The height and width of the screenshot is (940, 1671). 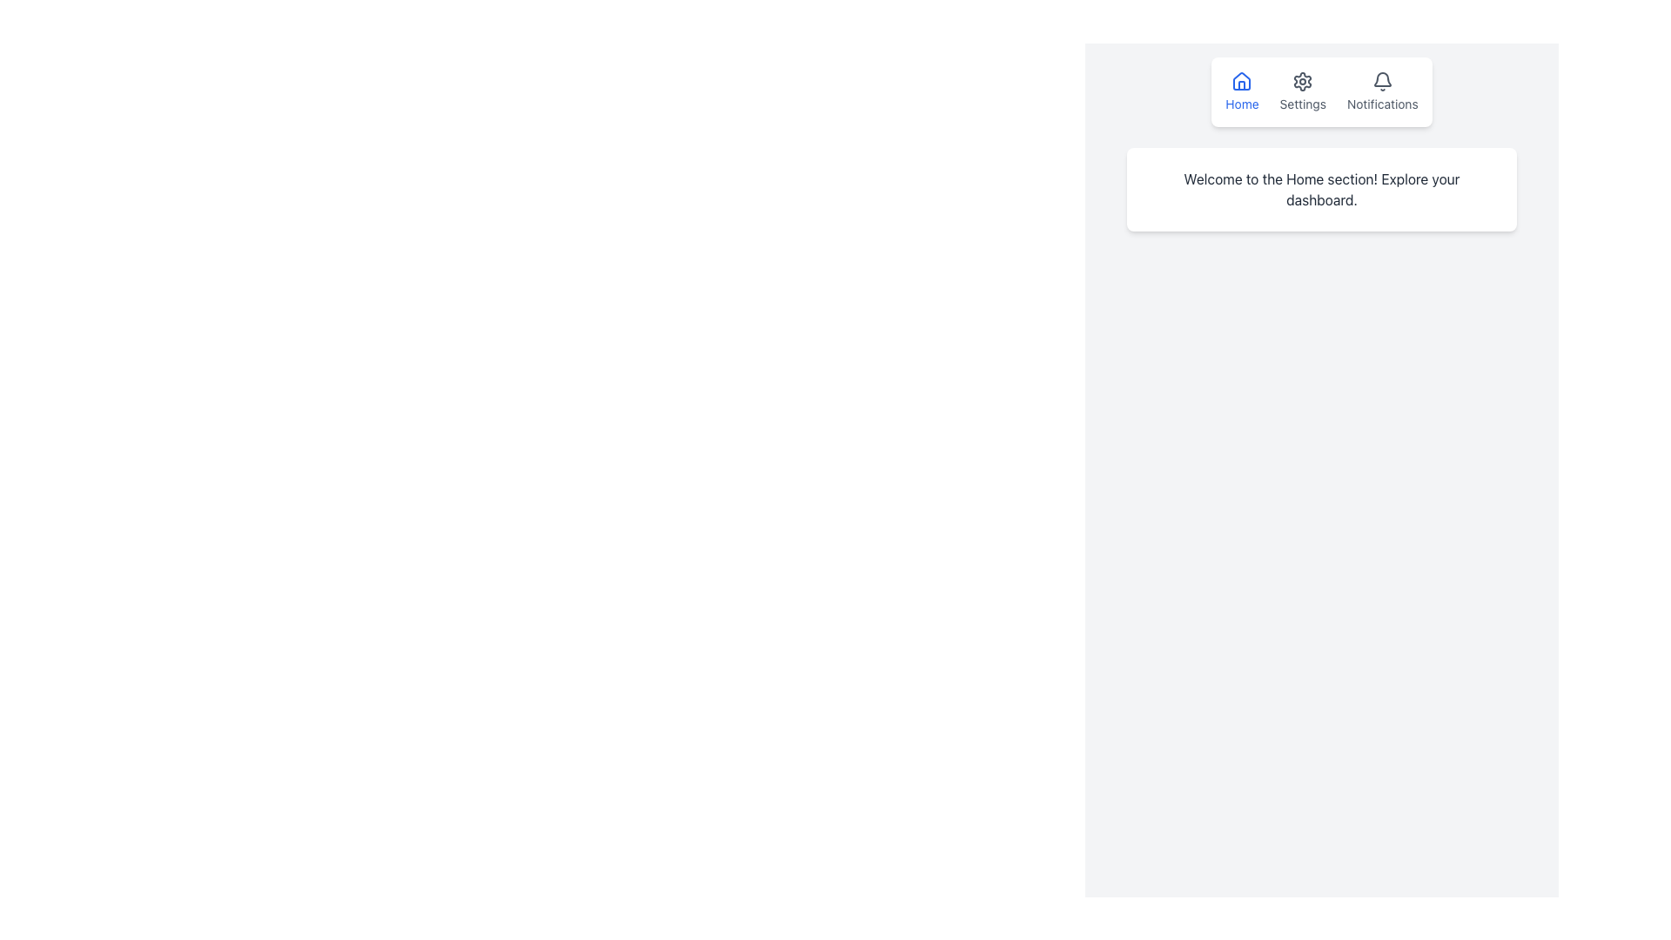 I want to click on the 'Home' text label, which is located at the top left corner of the interface and serves as a navigational button to the Home section, so click(x=1241, y=104).